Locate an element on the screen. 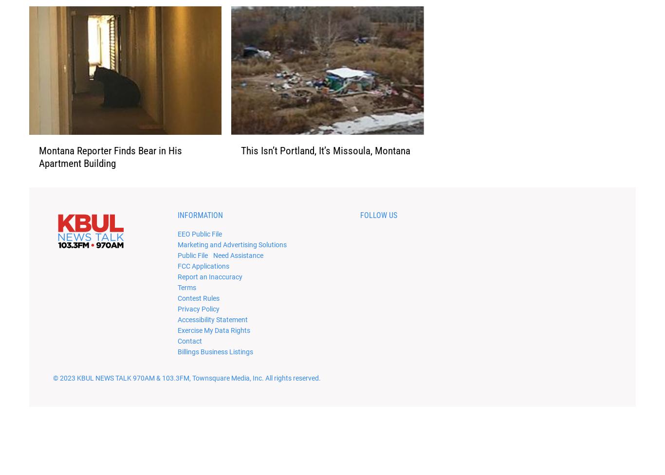  'Billings Business Listings' is located at coordinates (215, 366).